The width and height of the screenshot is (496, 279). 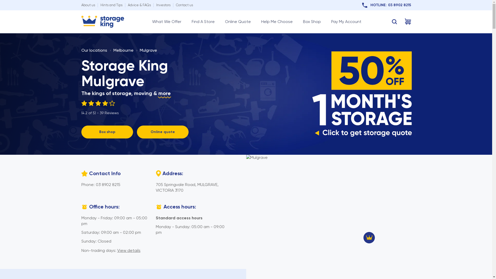 I want to click on 'About us', so click(x=88, y=5).